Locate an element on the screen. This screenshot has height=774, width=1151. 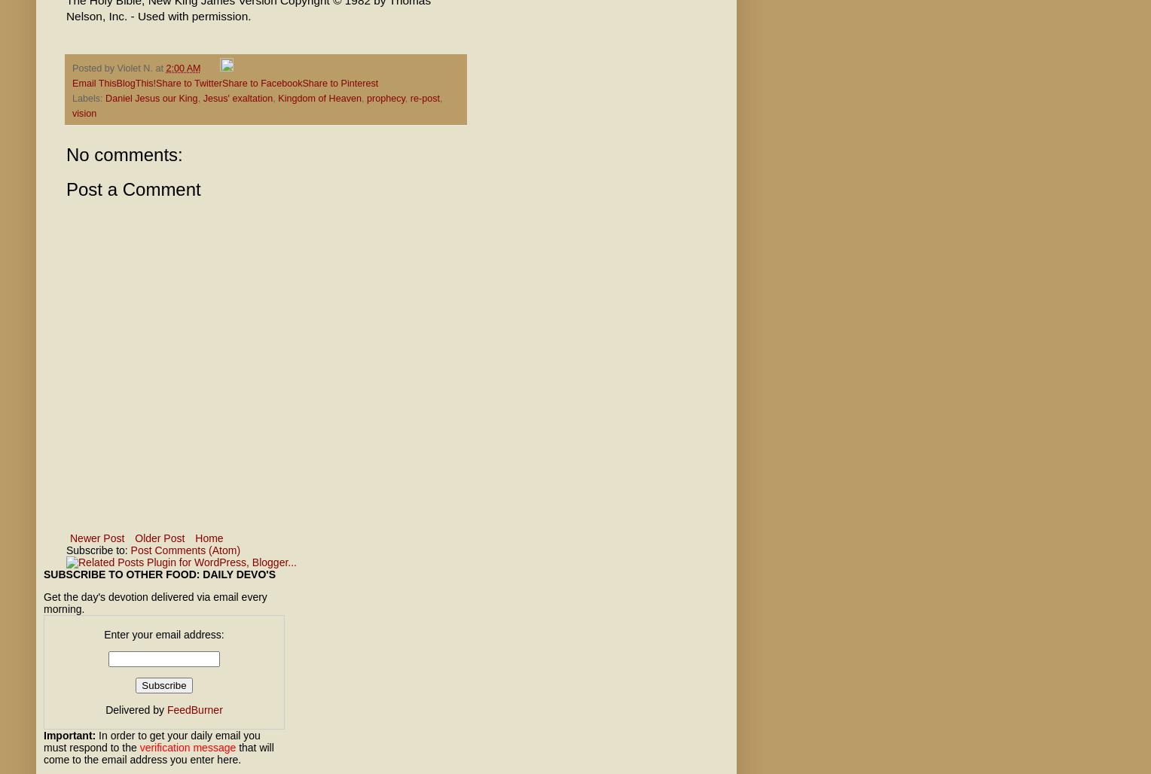
'Kingdom of Heaven' is located at coordinates (319, 98).